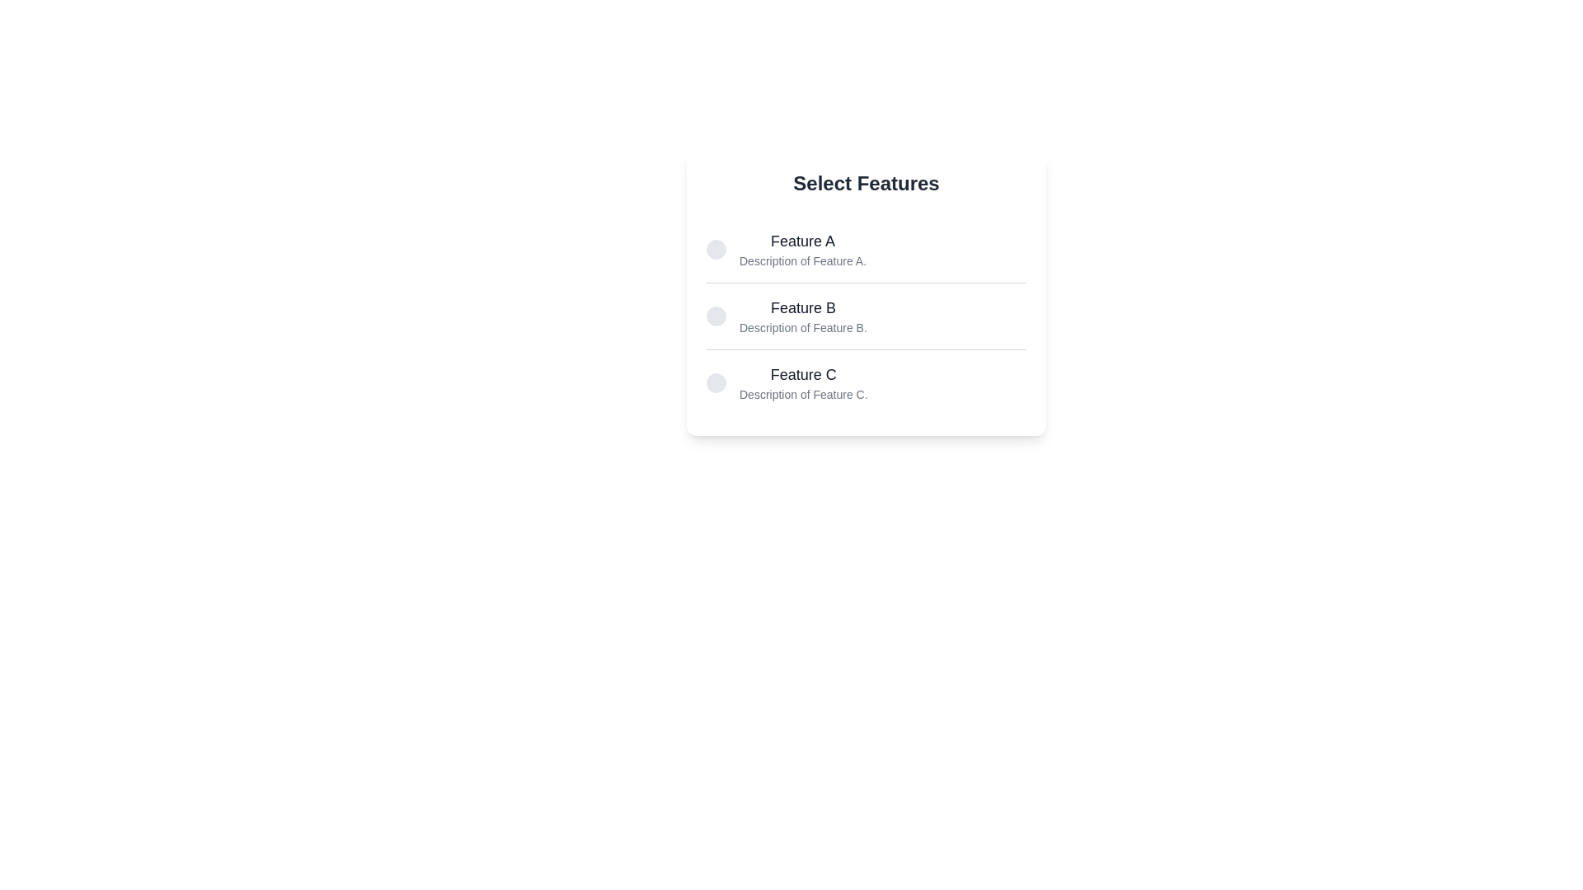 This screenshot has width=1583, height=890. Describe the element at coordinates (803, 316) in the screenshot. I see `the text label displaying 'Feature B' and its description 'Description of Feature B', which is the second entry in a list of features within a card interface` at that location.